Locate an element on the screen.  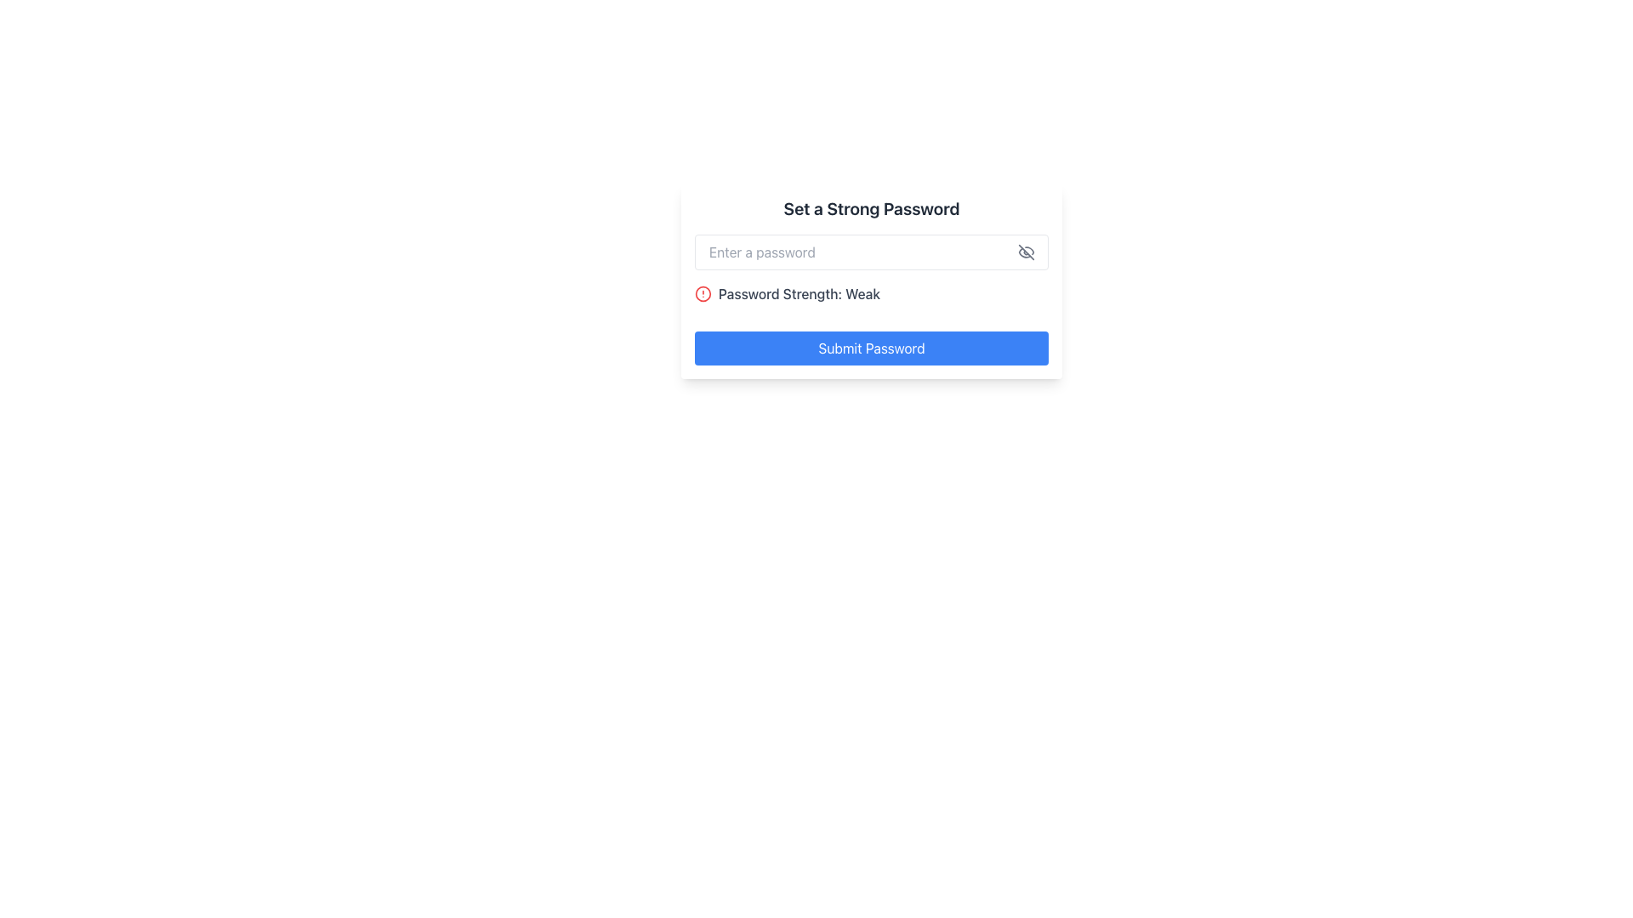
the diagonal strikethrough line of the eye icon within the password input field is located at coordinates (1025, 252).